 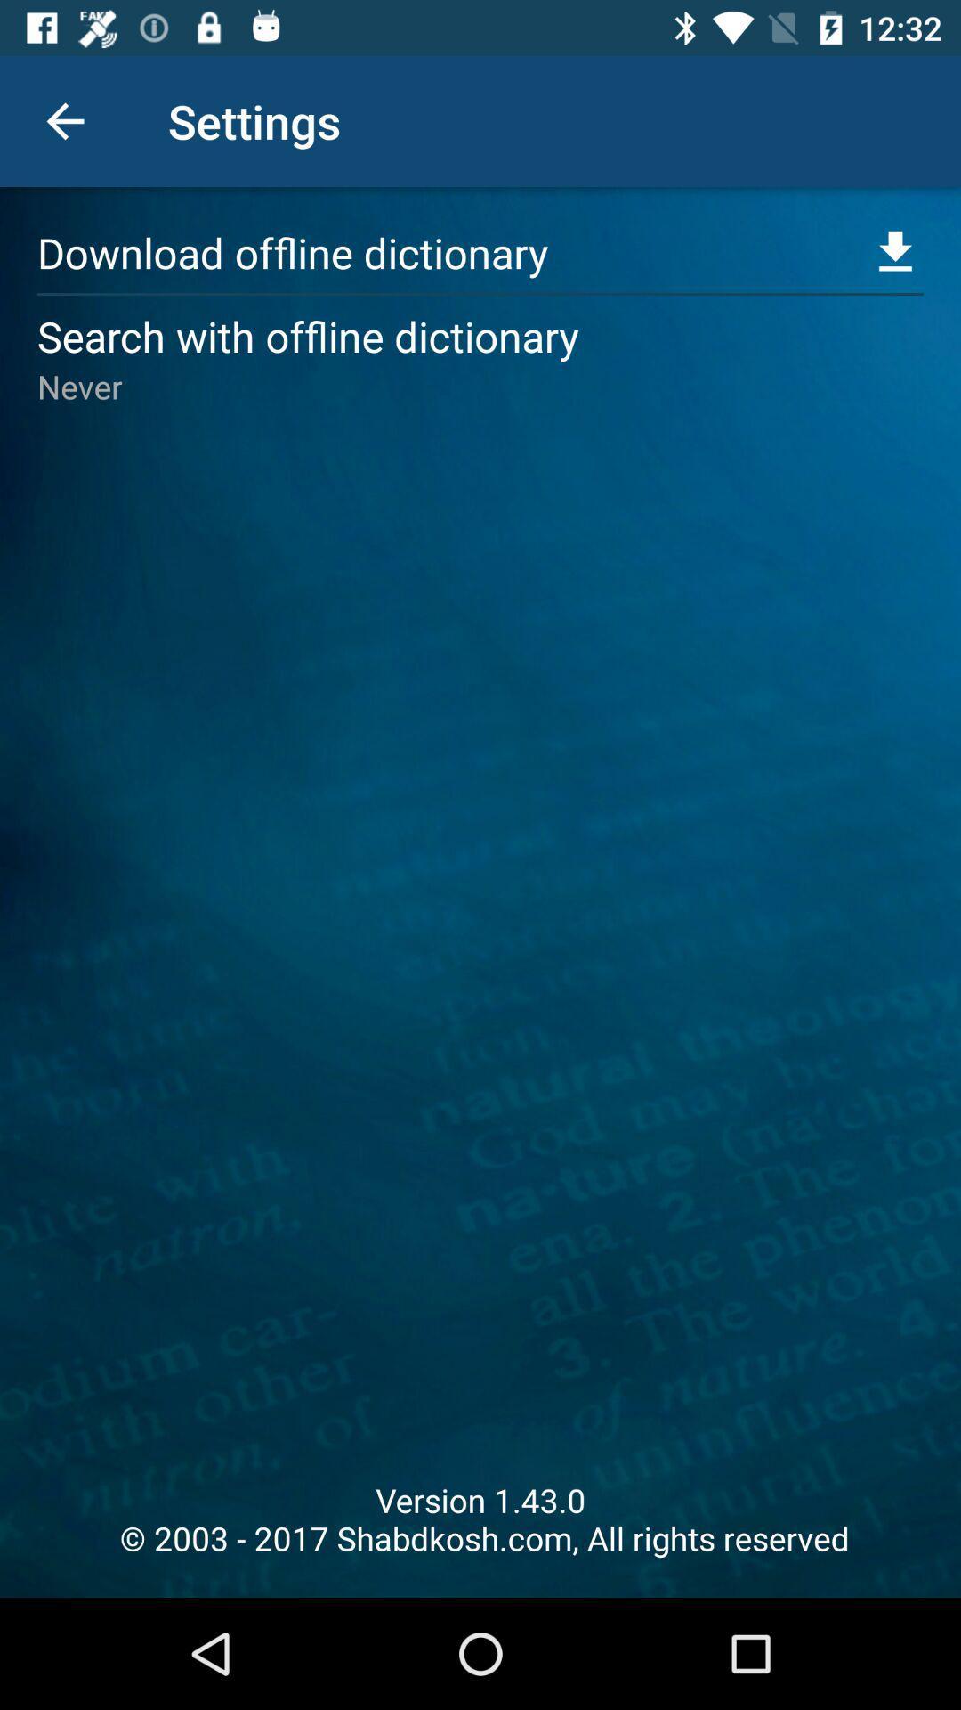 I want to click on download, so click(x=895, y=251).